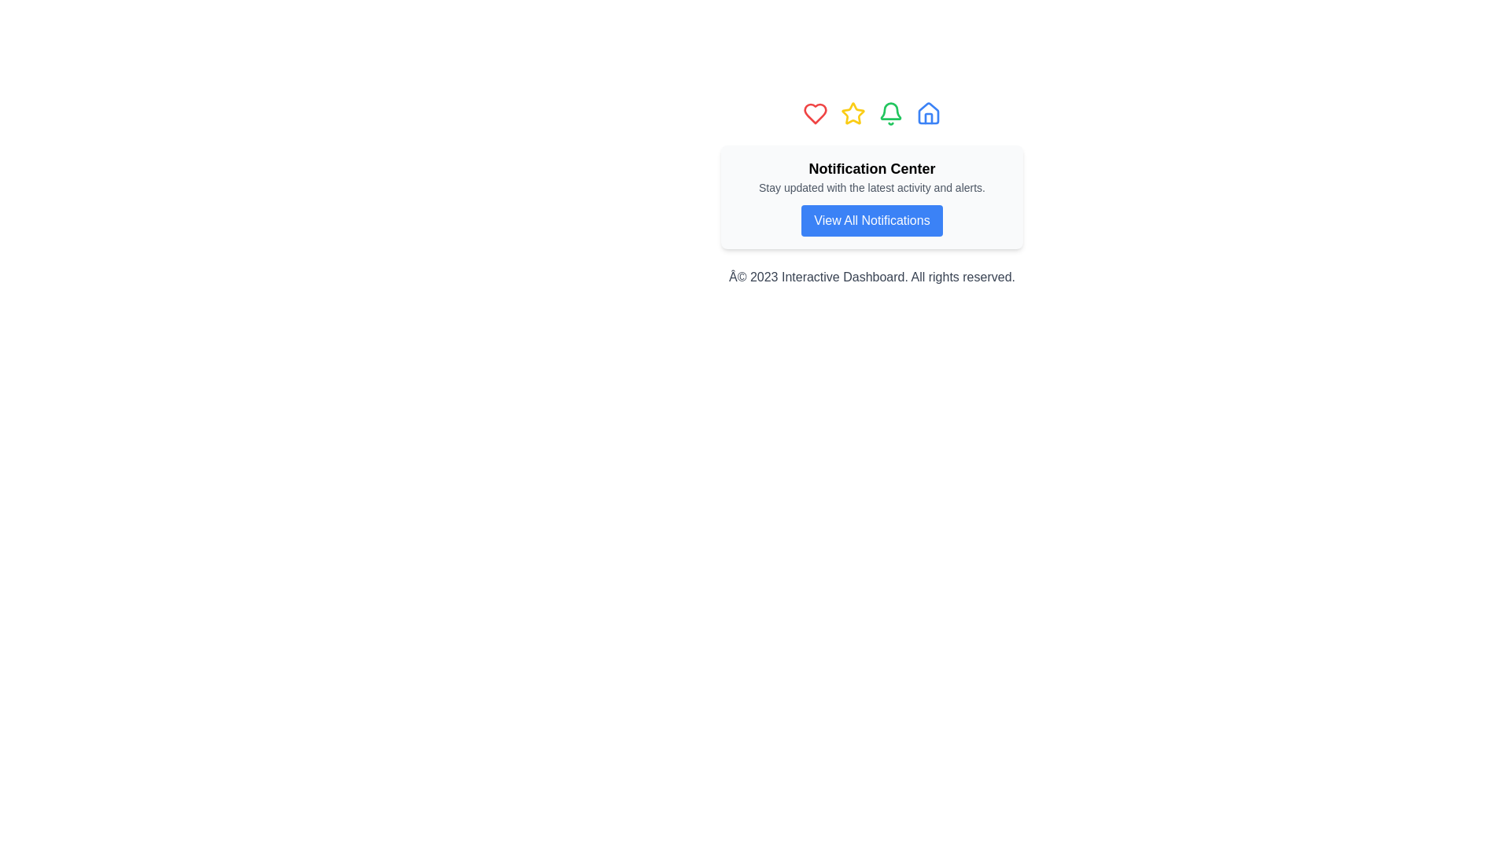 This screenshot has width=1510, height=849. Describe the element at coordinates (871, 113) in the screenshot. I see `the icon group located at the top of the Notification Center card, which serves as a navigation or feature selection panel` at that location.